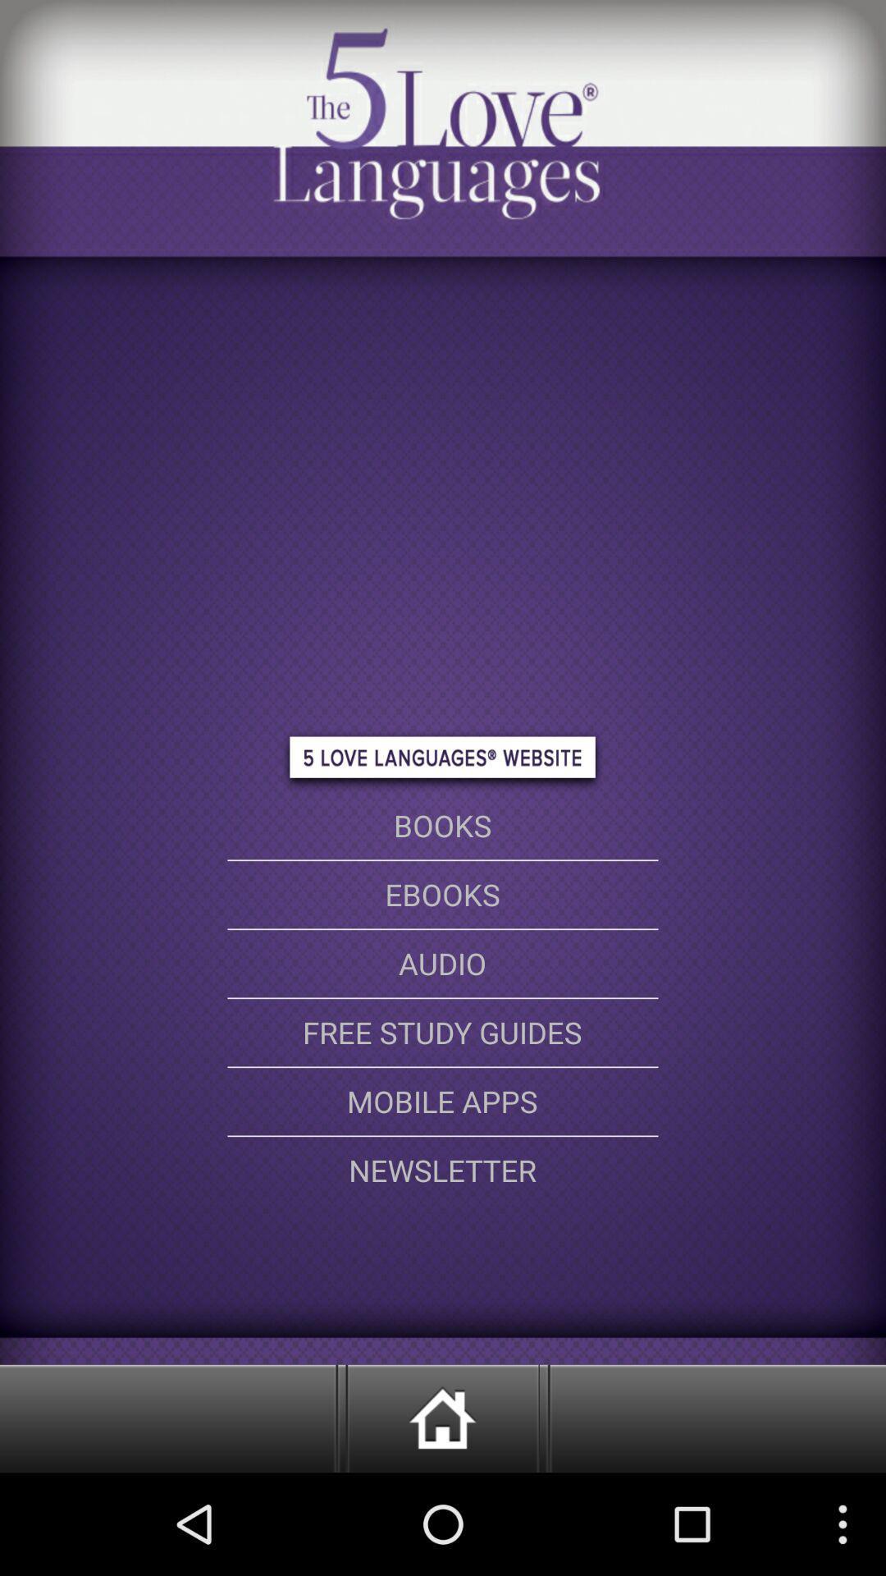 This screenshot has width=886, height=1576. Describe the element at coordinates (443, 760) in the screenshot. I see `the button above book` at that location.